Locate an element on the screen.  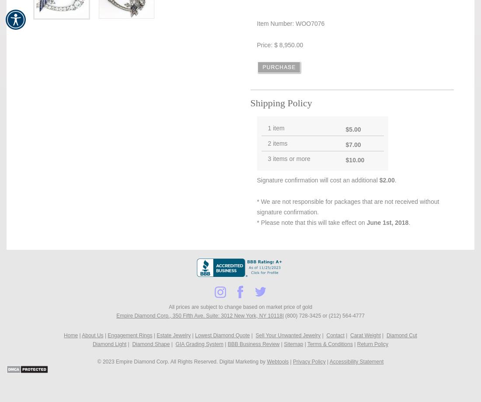
'© 2023 Empire Diamond Corp. All Rights Reserved. Digital Marketing by' is located at coordinates (181, 362).